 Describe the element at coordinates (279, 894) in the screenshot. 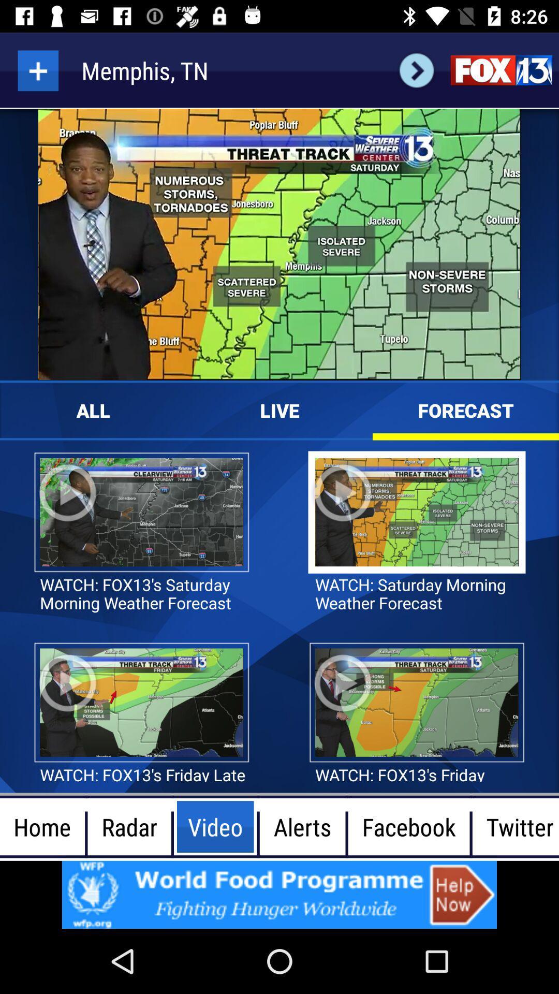

I see `advertisement image` at that location.